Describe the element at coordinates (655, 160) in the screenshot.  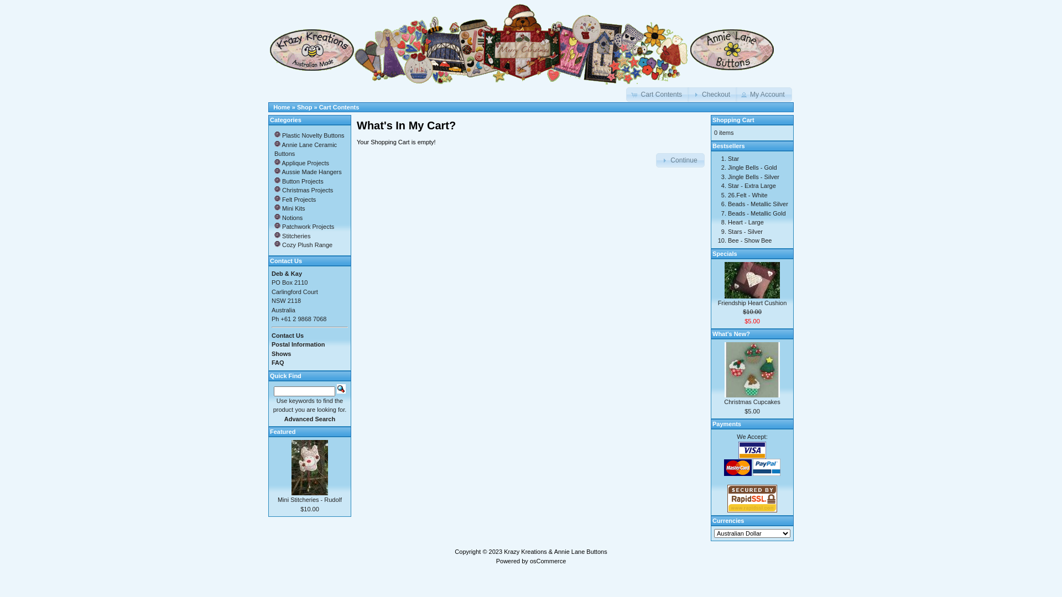
I see `'Continue'` at that location.